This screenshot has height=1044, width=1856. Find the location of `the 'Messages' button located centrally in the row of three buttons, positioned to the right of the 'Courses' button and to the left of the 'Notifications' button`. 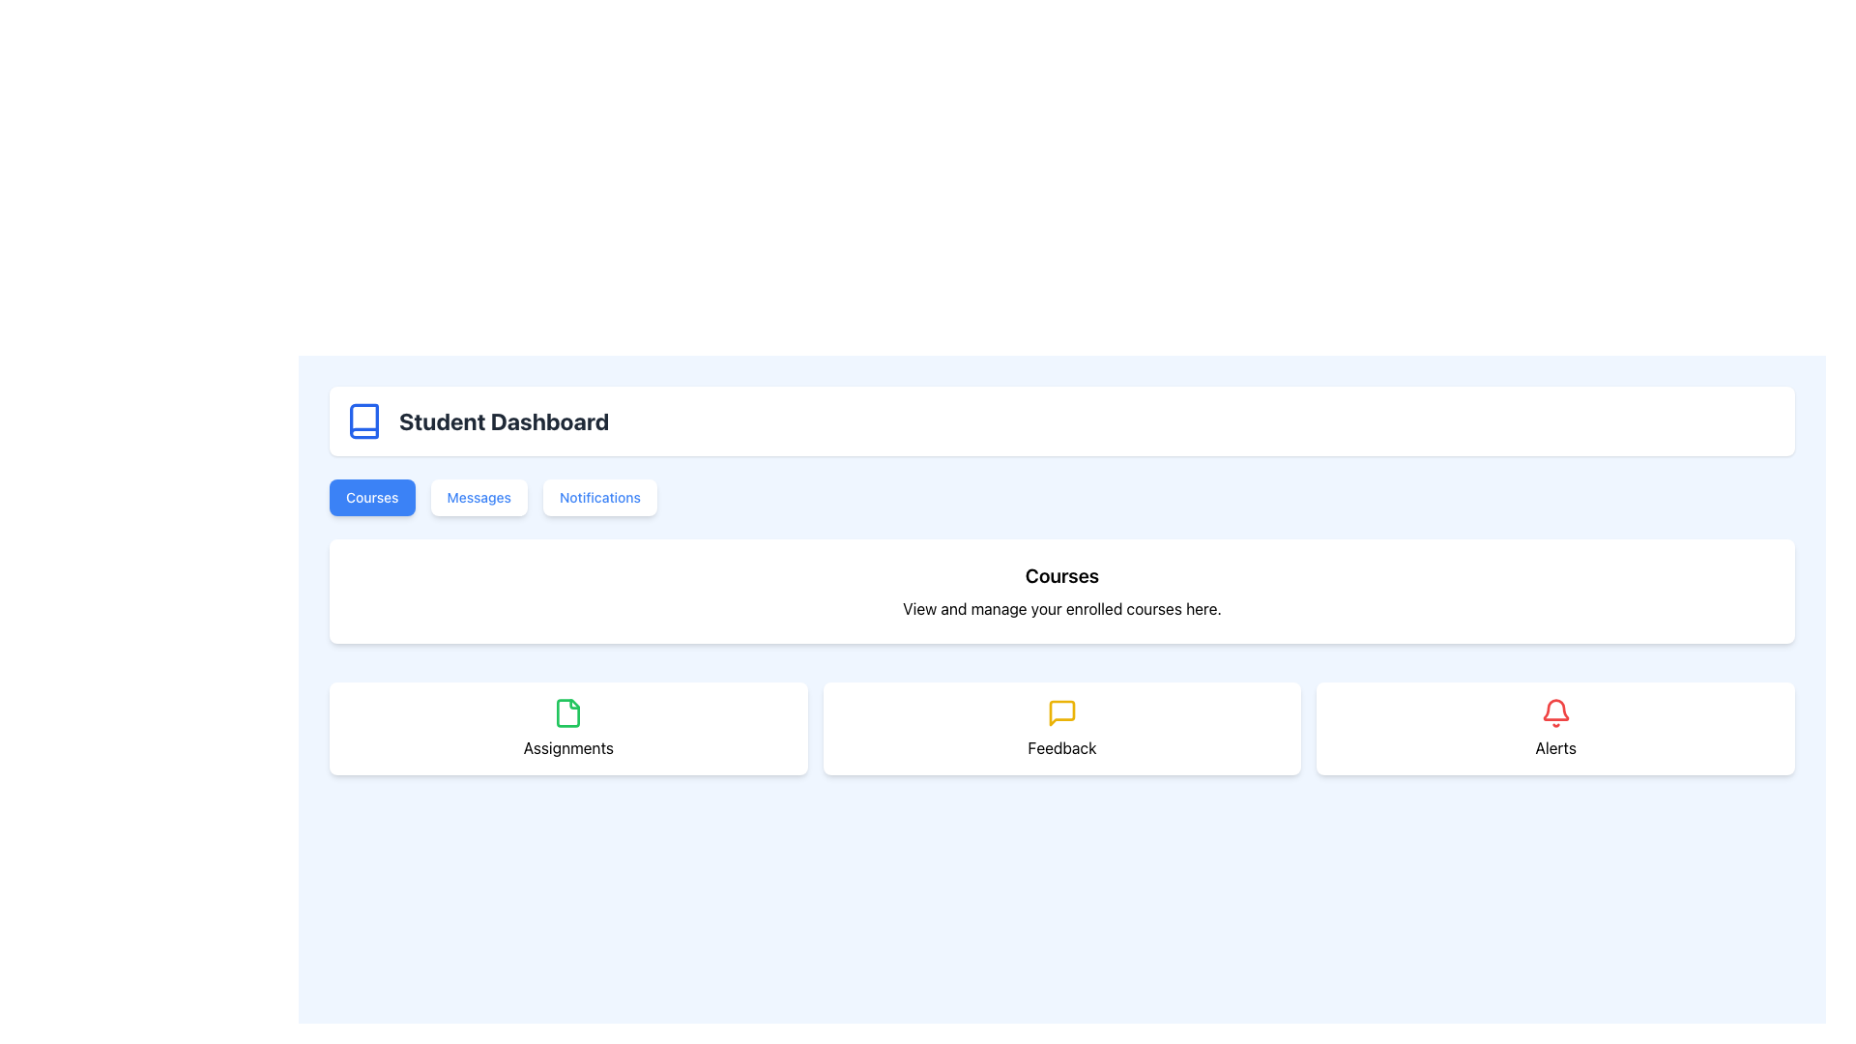

the 'Messages' button located centrally in the row of three buttons, positioned to the right of the 'Courses' button and to the left of the 'Notifications' button is located at coordinates (478, 497).